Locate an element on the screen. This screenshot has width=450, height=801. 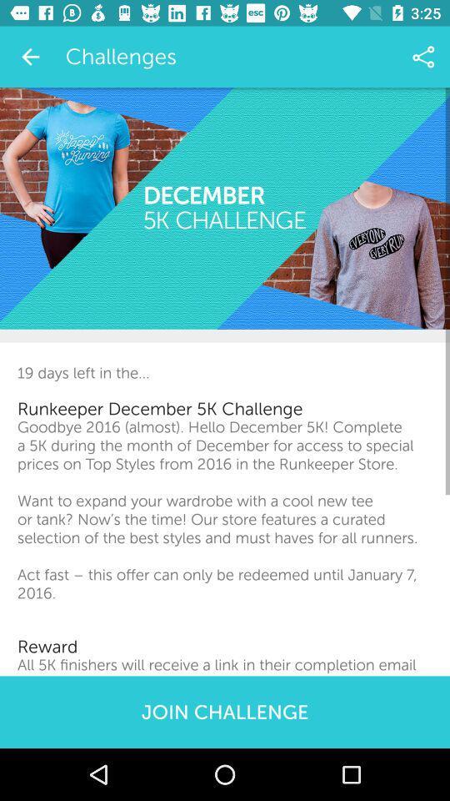
item next to the challenges is located at coordinates (423, 57).